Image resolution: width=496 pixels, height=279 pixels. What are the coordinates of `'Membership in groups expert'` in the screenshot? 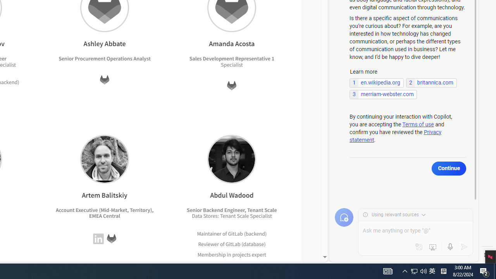 It's located at (232, 264).